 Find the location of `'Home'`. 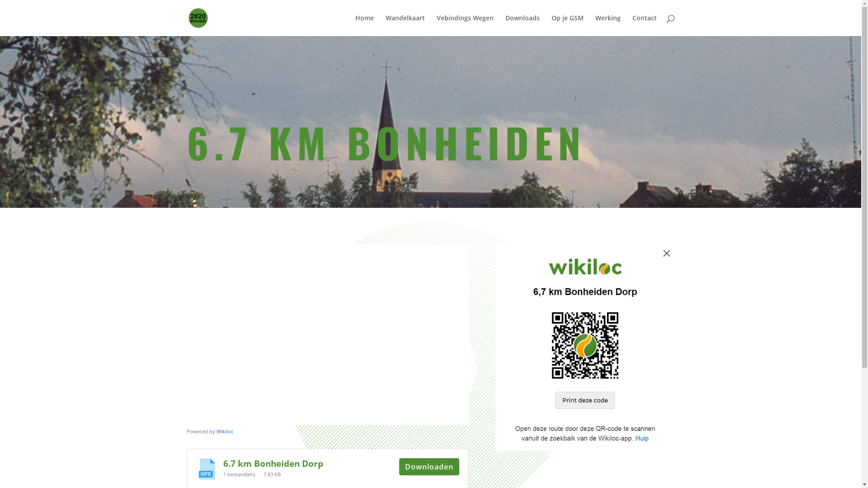

'Home' is located at coordinates (364, 25).